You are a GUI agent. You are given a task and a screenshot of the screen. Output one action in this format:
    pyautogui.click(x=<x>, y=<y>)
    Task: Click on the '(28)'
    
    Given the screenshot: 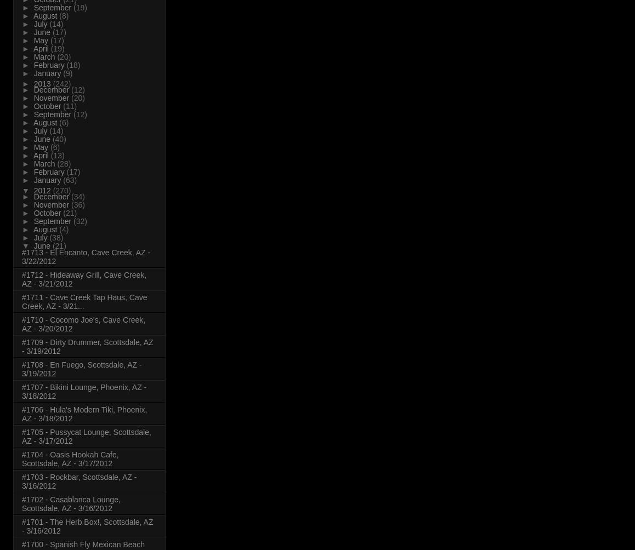 What is the action you would take?
    pyautogui.click(x=56, y=163)
    